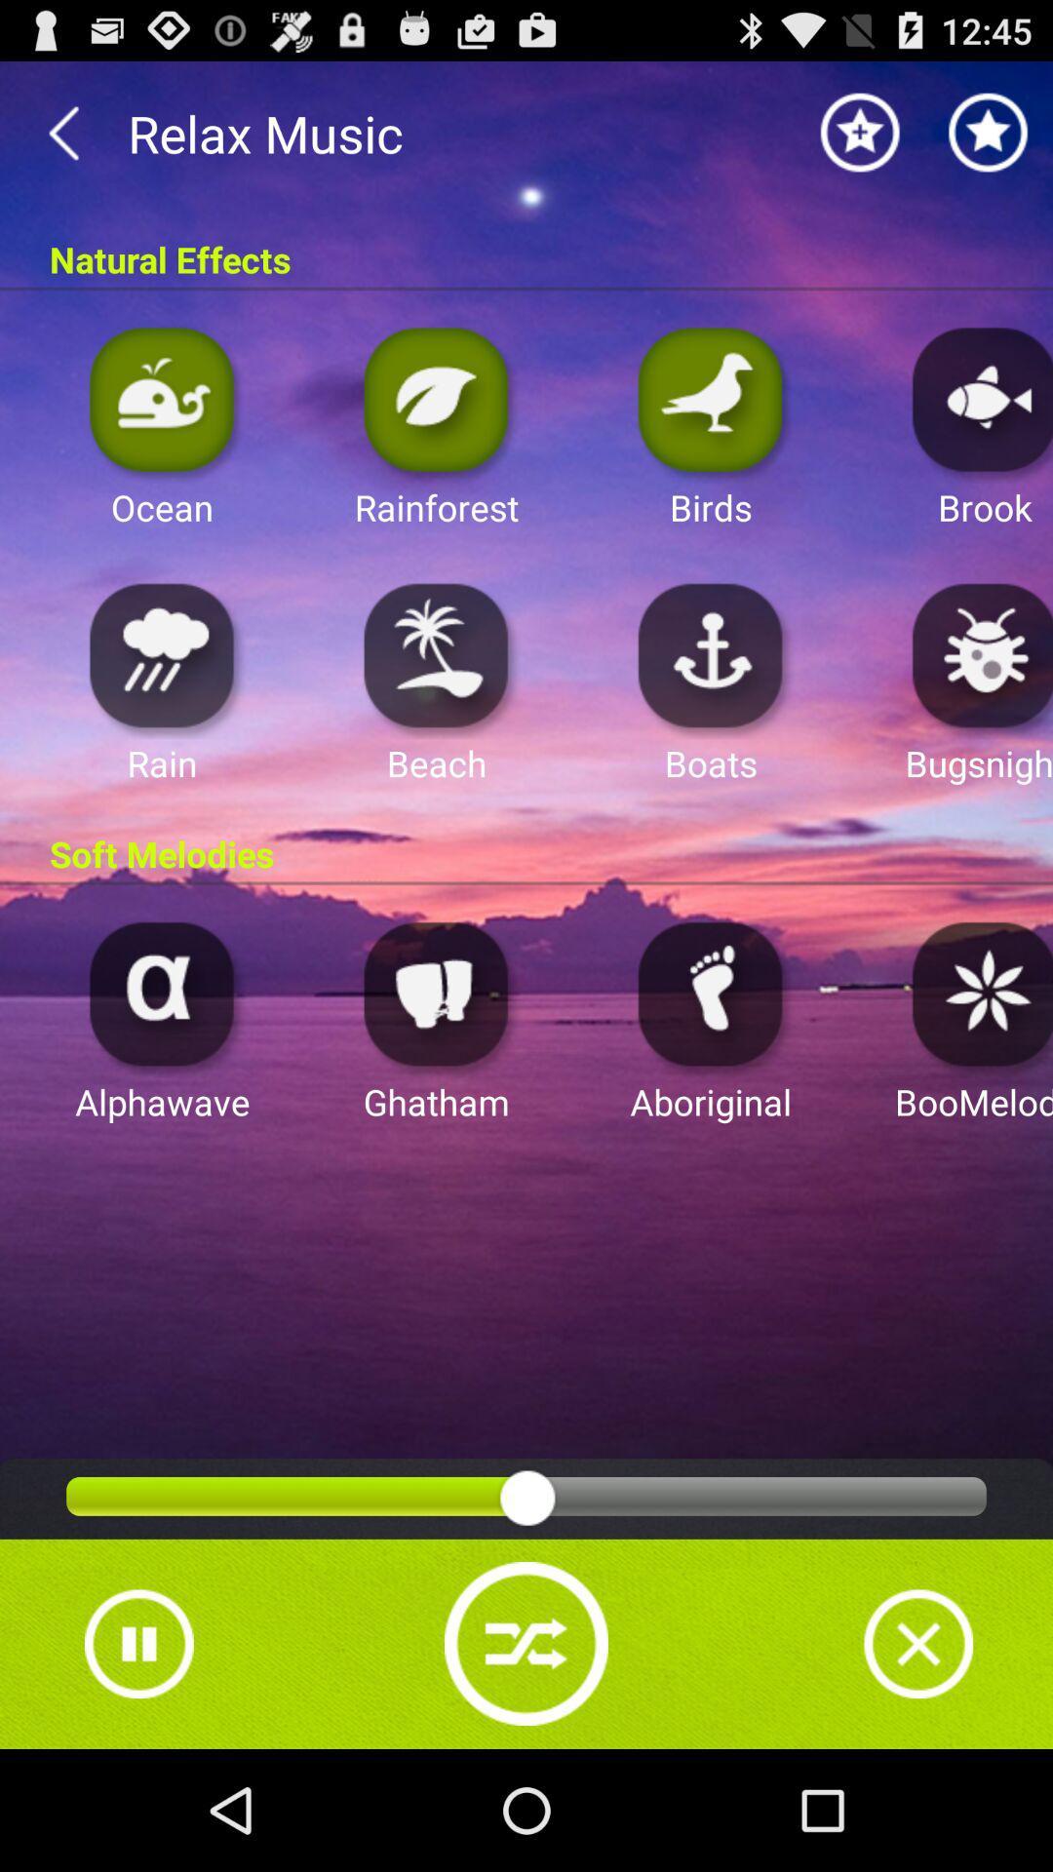  What do you see at coordinates (989, 141) in the screenshot?
I see `the star icon` at bounding box center [989, 141].